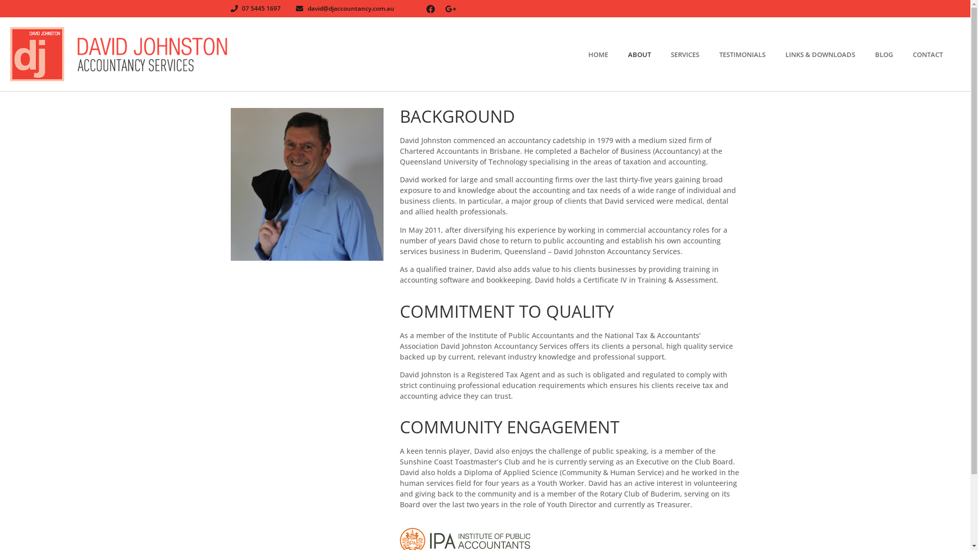 The height and width of the screenshot is (550, 978). Describe the element at coordinates (752, 54) in the screenshot. I see `'TESTIMONIALS'` at that location.